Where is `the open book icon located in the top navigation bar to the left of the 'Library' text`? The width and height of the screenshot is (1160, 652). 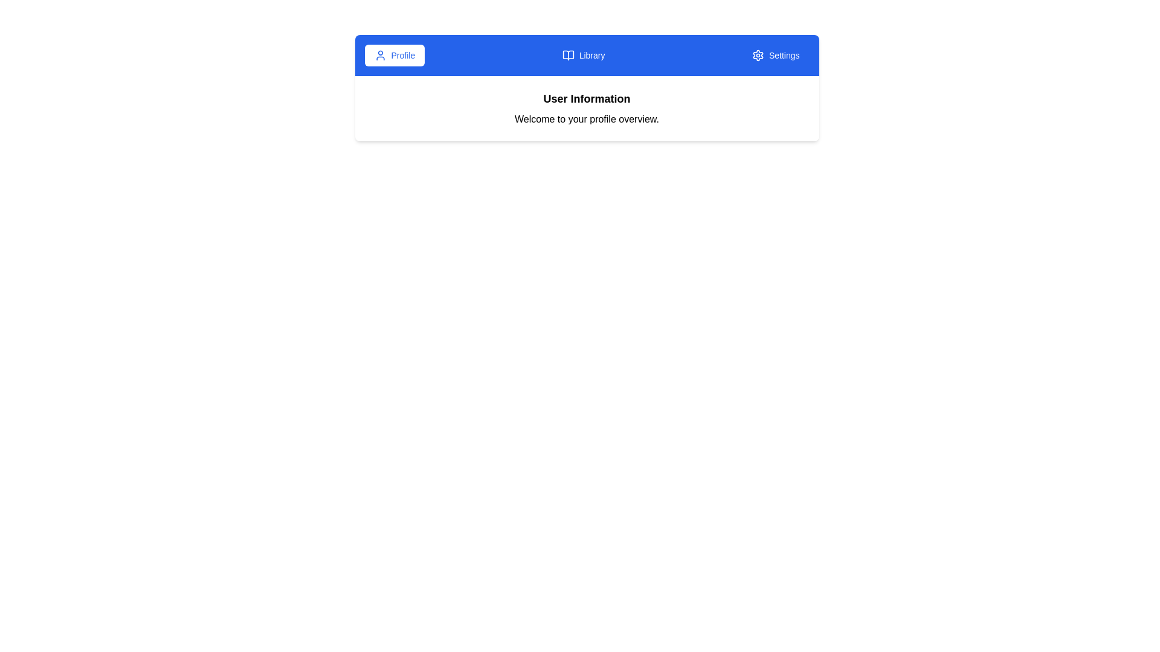 the open book icon located in the top navigation bar to the left of the 'Library' text is located at coordinates (567, 56).